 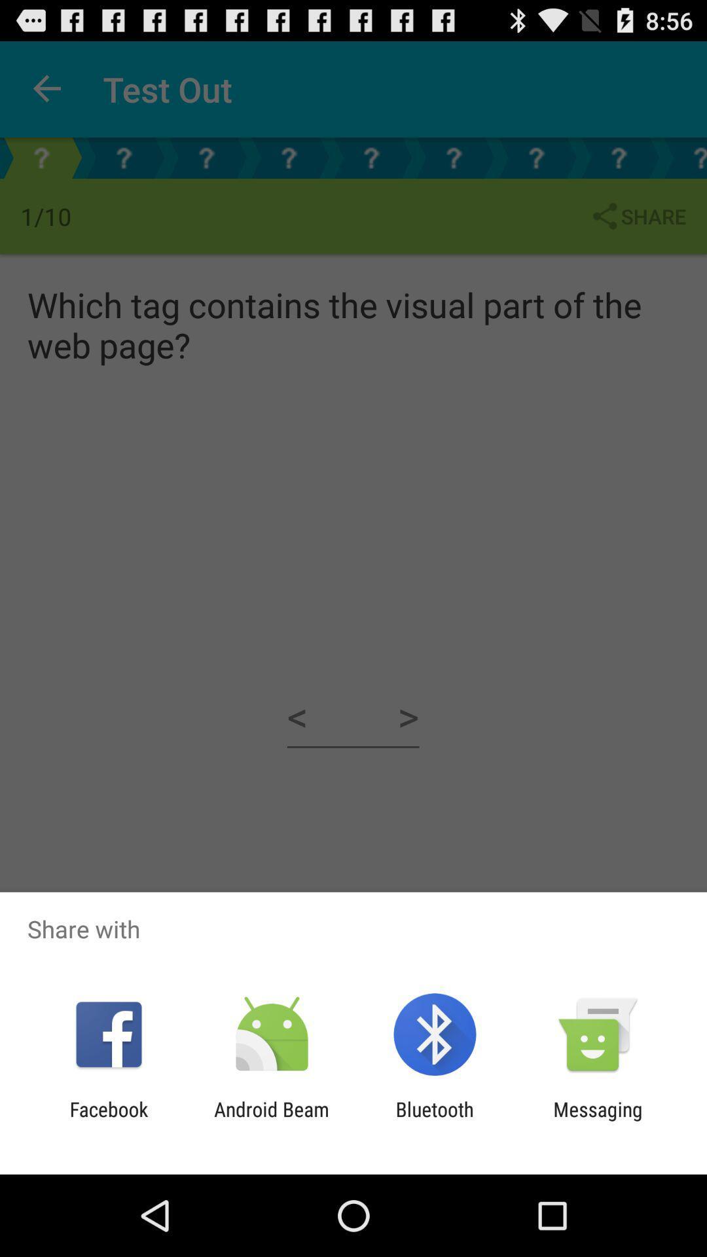 I want to click on the app next to the android beam app, so click(x=108, y=1120).